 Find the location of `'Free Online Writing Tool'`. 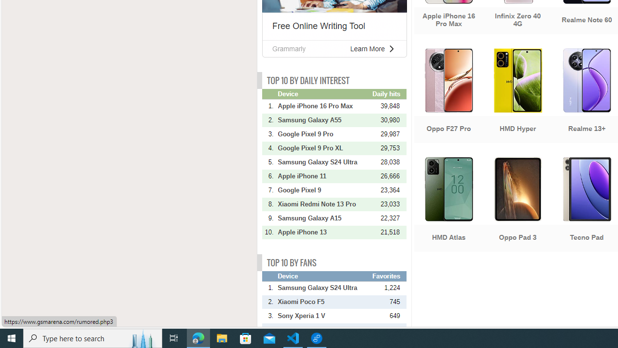

'Free Online Writing Tool' is located at coordinates (318, 25).